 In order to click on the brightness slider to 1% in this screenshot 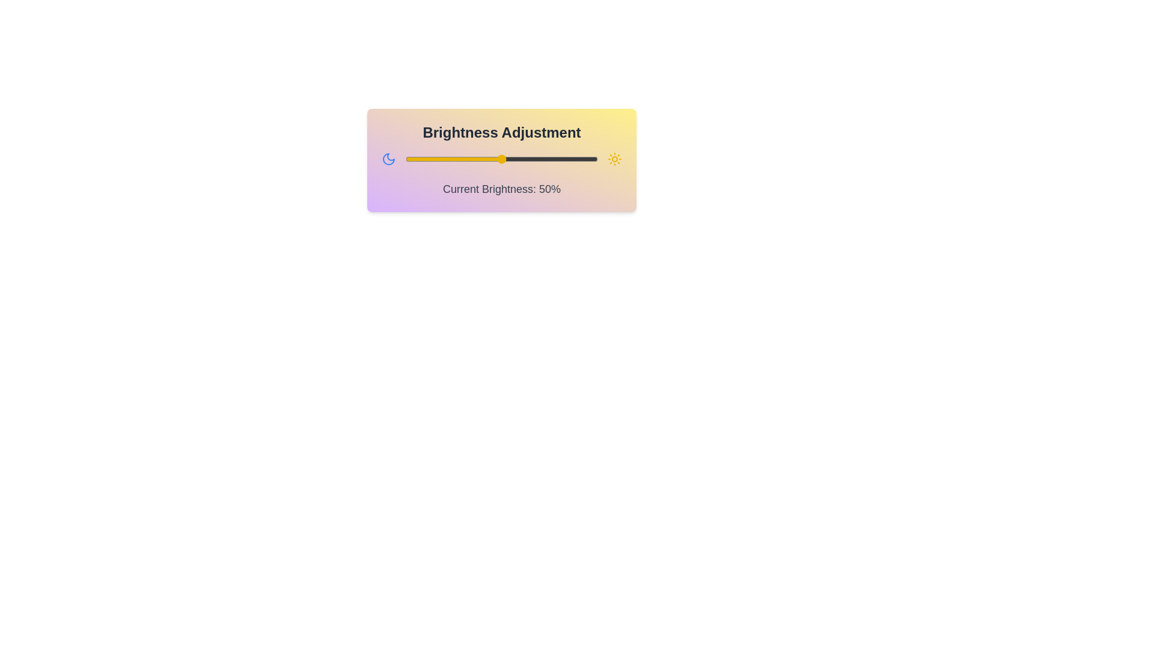, I will do `click(408, 159)`.